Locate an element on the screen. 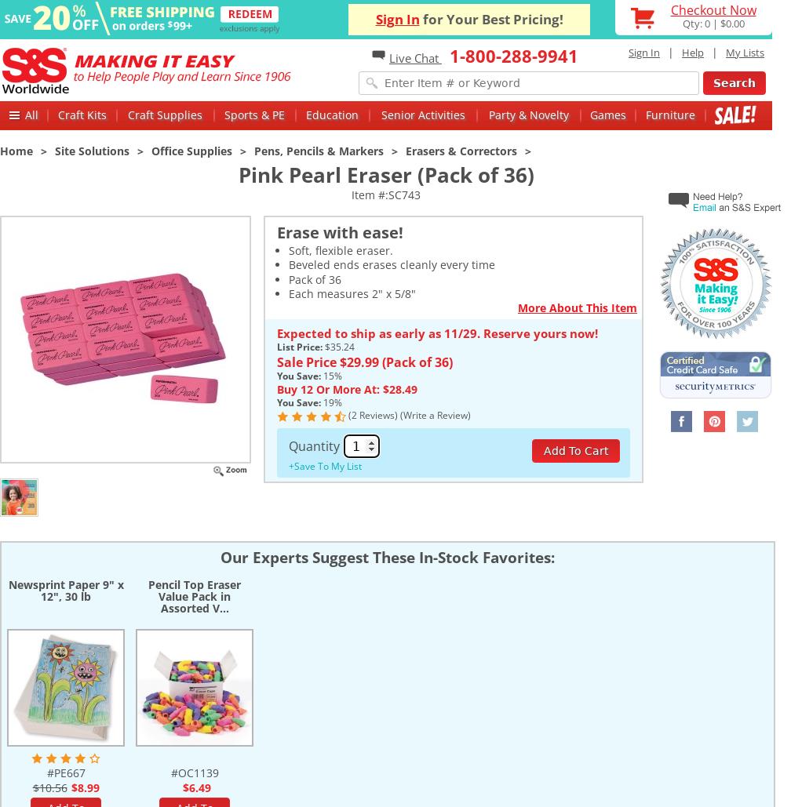 The image size is (791, 807). 'Craft Supplies' is located at coordinates (165, 114).